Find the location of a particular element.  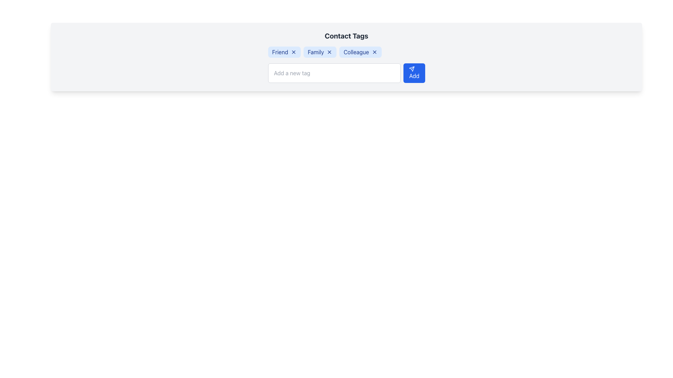

the 'X' icon button in the 'Family' tag is located at coordinates (329, 52).